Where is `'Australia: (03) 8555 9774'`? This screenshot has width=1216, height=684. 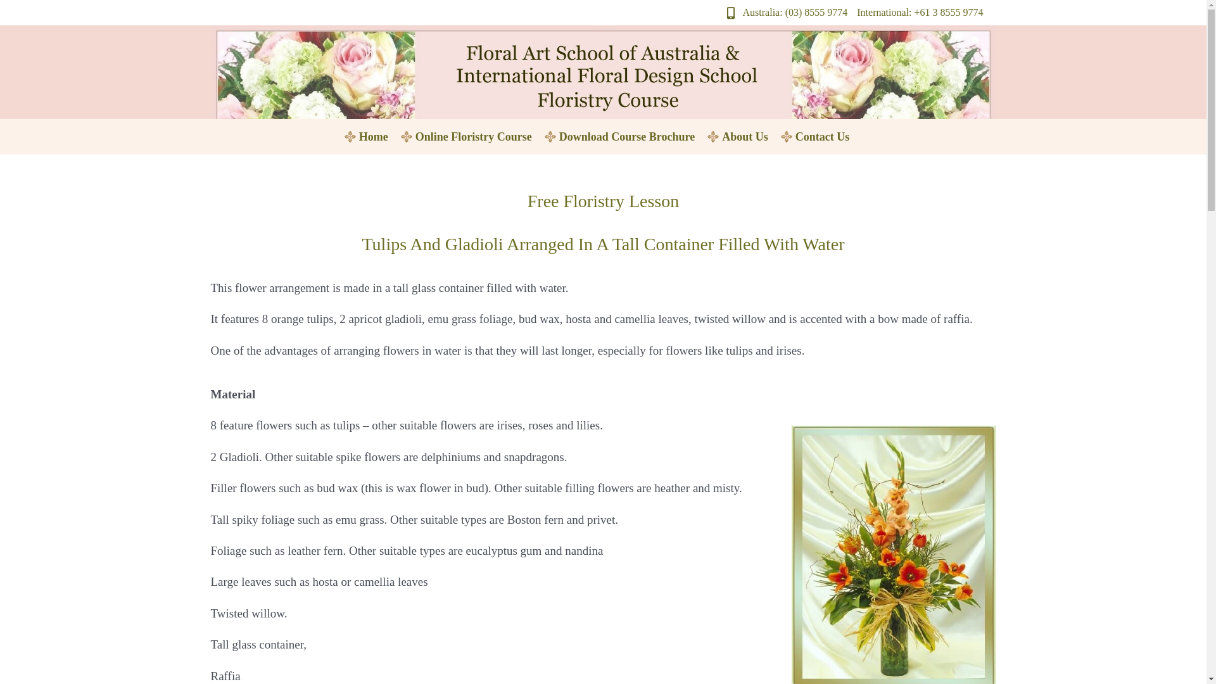
'Australia: (03) 8555 9774' is located at coordinates (783, 12).